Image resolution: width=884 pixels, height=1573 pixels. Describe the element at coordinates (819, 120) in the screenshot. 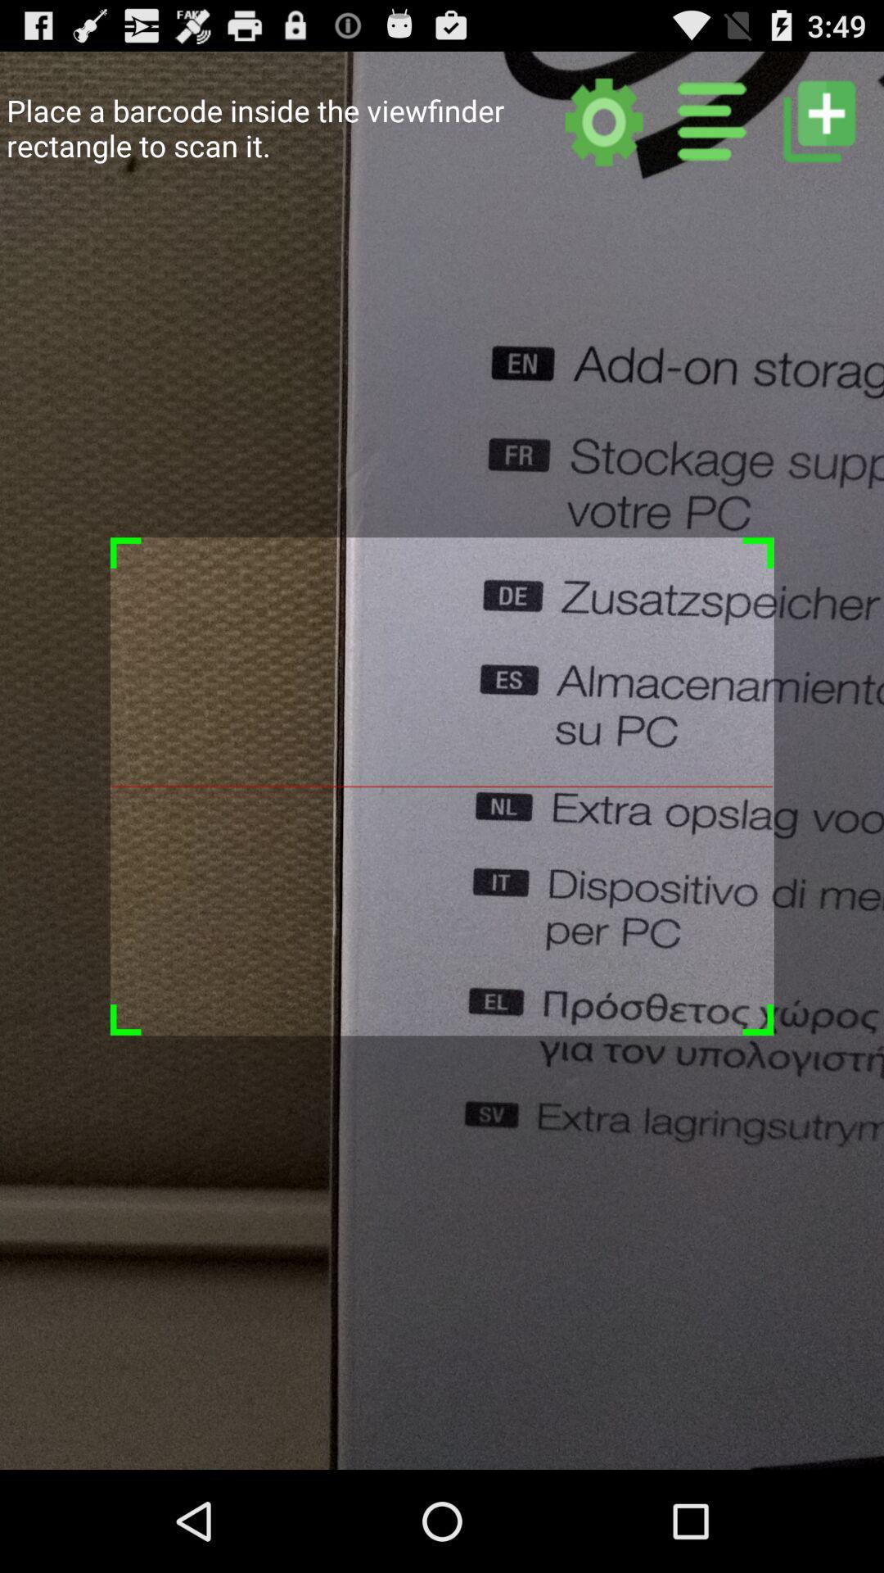

I see `this button in zoom options` at that location.